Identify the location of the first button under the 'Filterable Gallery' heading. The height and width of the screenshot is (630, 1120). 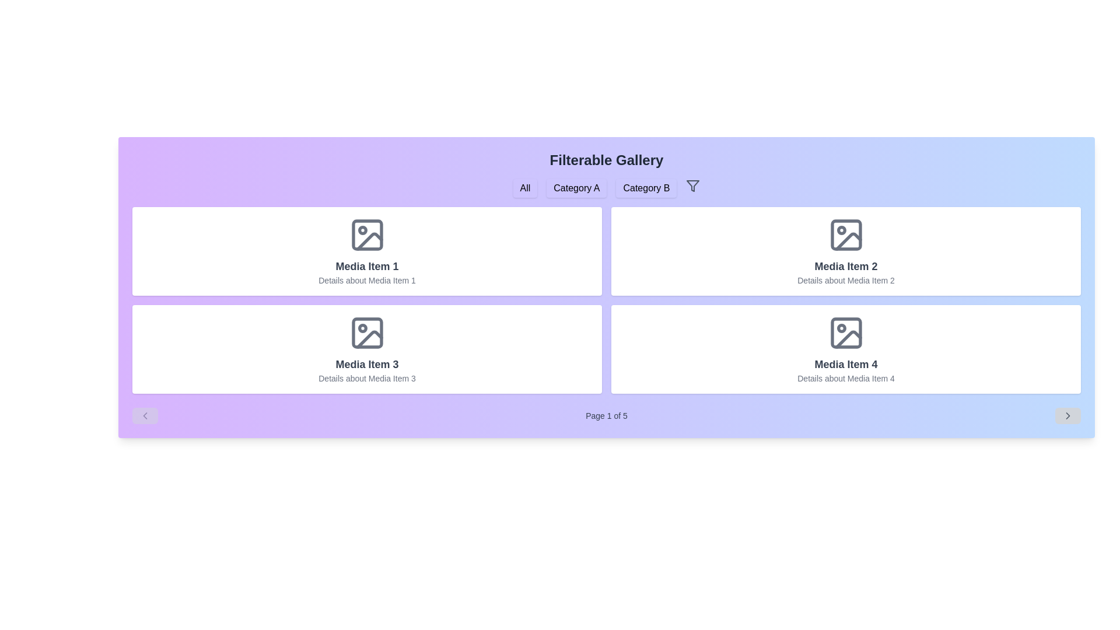
(524, 188).